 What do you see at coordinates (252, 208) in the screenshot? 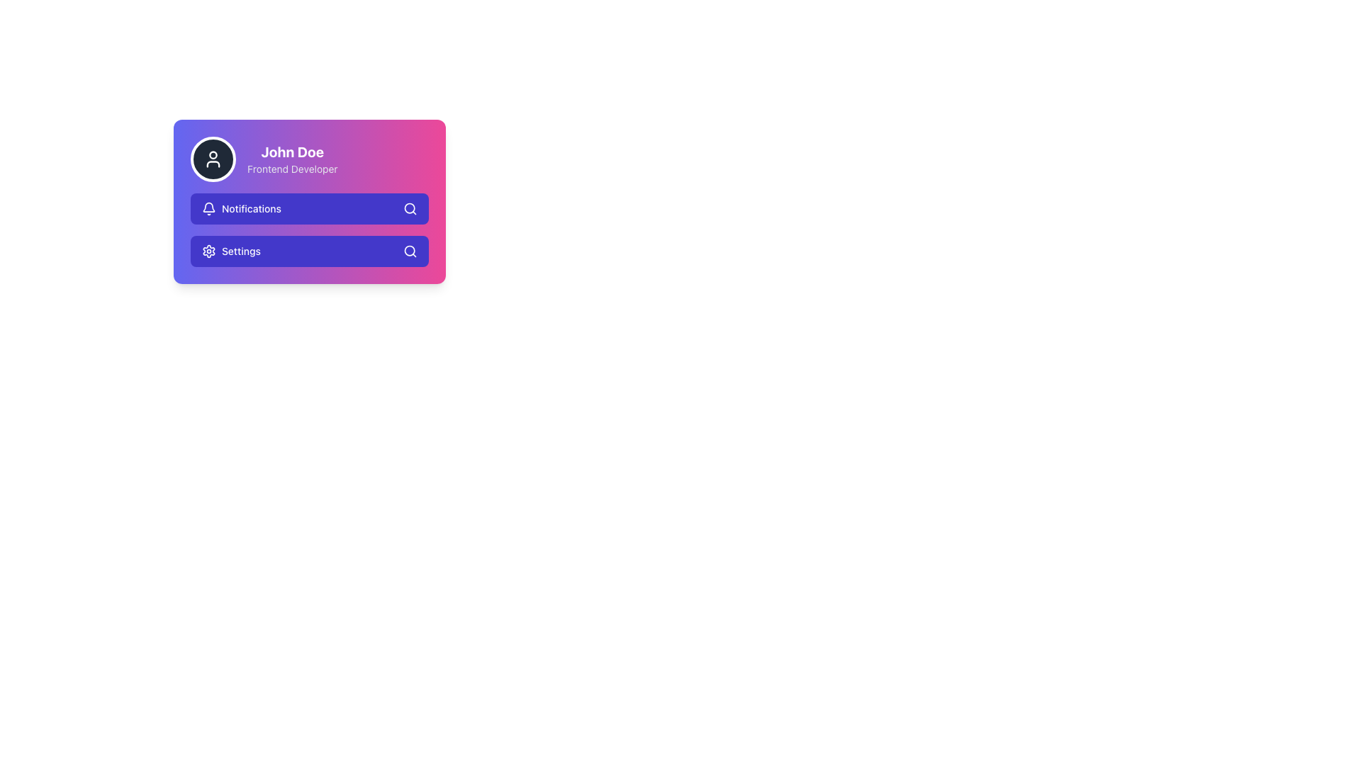
I see `the text label indicating the functionality of the notifications section, which is positioned slightly to the right of a bell icon and above the settings row` at bounding box center [252, 208].